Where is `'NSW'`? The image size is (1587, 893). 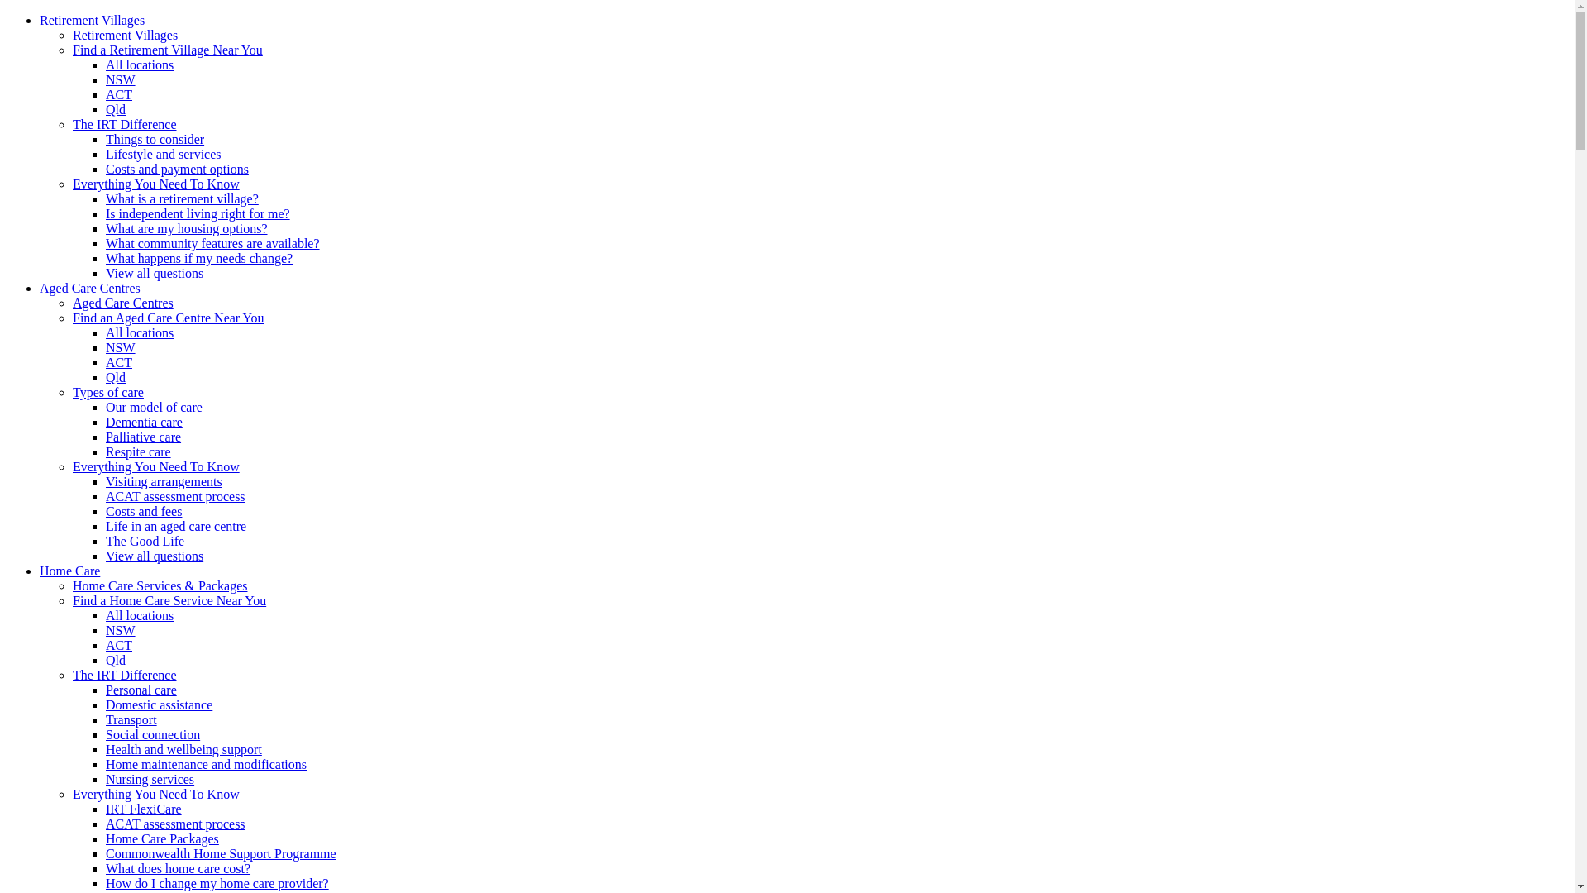 'NSW' is located at coordinates (119, 630).